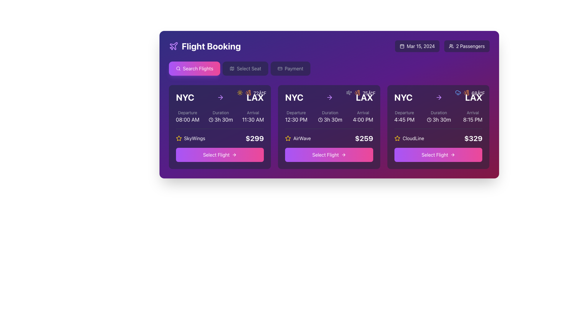 The width and height of the screenshot is (566, 318). Describe the element at coordinates (404, 112) in the screenshot. I see `the 'Departure' label located above the '4:45 PM' display in the flight details card for the NYC to LAX flight` at that location.